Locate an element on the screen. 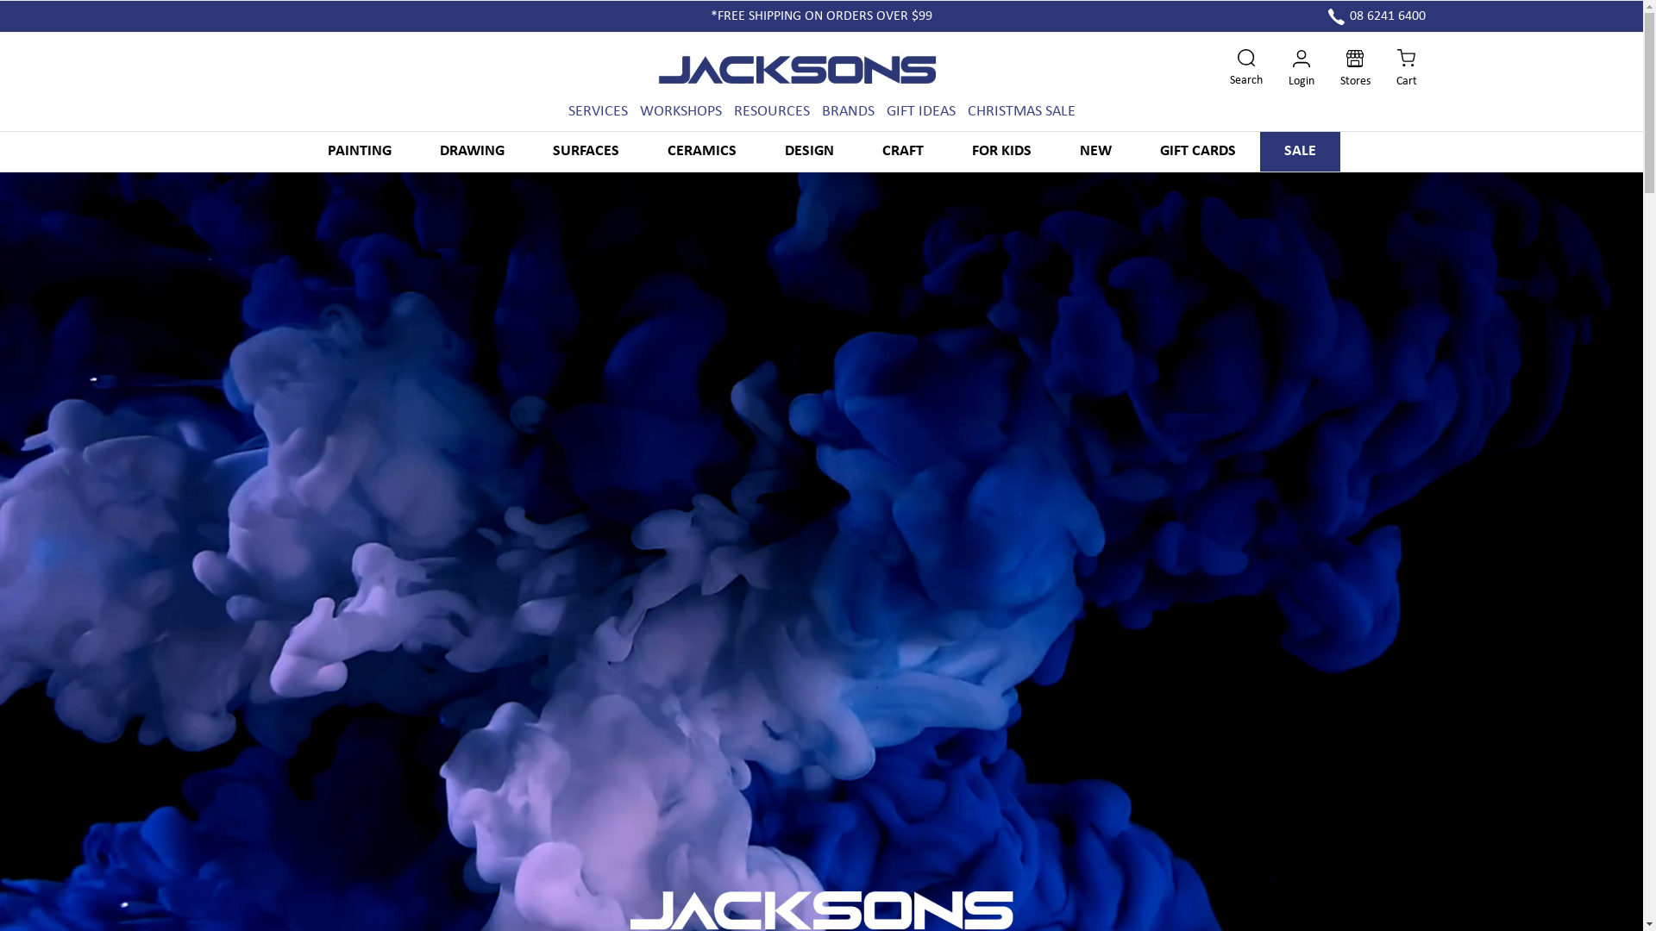 This screenshot has width=1656, height=931. 'RESOURCES' is located at coordinates (769, 111).